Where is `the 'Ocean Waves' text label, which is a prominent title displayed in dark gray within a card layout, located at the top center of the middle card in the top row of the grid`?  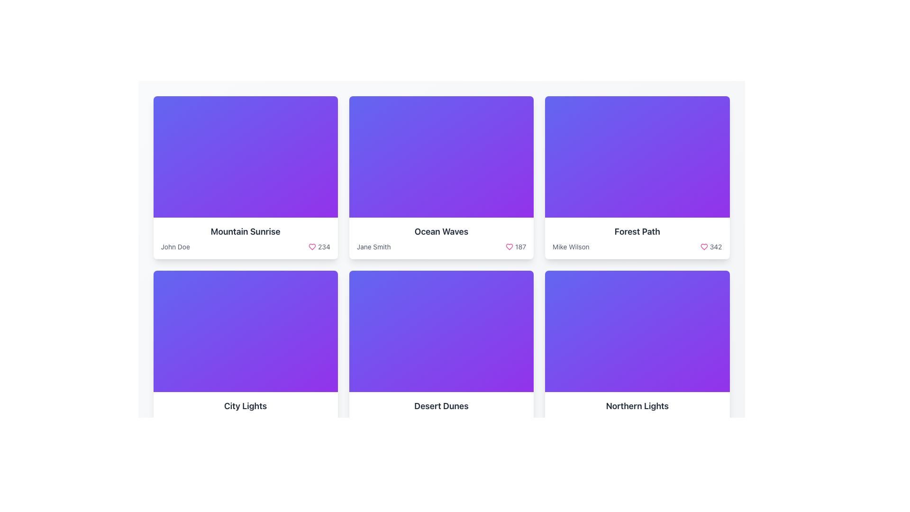
the 'Ocean Waves' text label, which is a prominent title displayed in dark gray within a card layout, located at the top center of the middle card in the top row of the grid is located at coordinates (441, 232).